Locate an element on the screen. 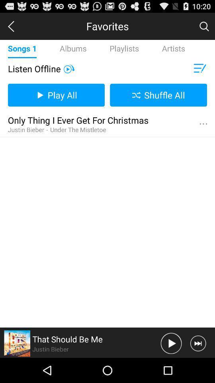  search box is located at coordinates (204, 26).